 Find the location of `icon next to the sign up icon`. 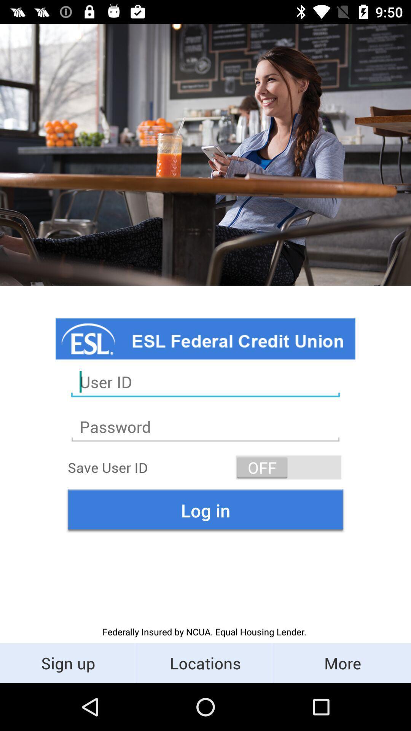

icon next to the sign up icon is located at coordinates (205, 662).